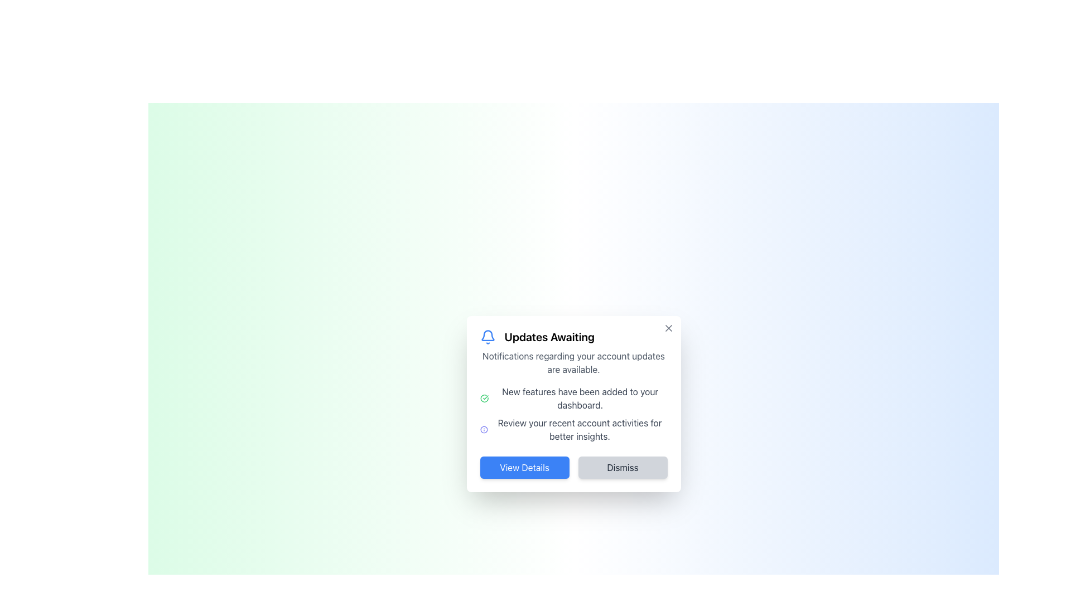 The image size is (1071, 602). Describe the element at coordinates (484, 429) in the screenshot. I see `the circular blue icon representing information, located to the left of the text 'Review your recent account activities for better insights.'` at that location.